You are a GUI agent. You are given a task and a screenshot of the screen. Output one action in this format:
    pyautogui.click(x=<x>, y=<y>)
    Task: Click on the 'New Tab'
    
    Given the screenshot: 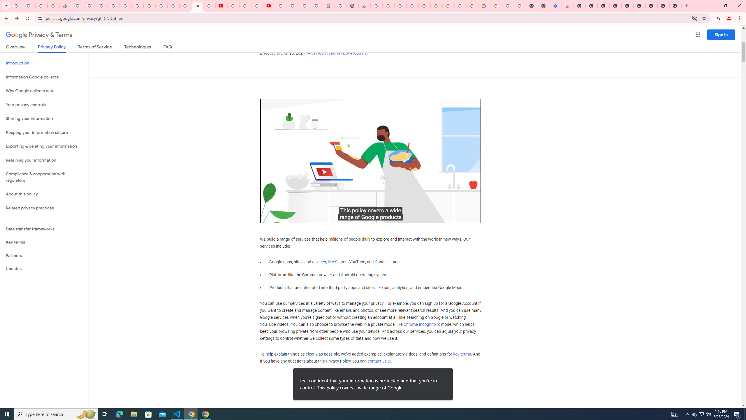 What is the action you would take?
    pyautogui.click(x=675, y=6)
    